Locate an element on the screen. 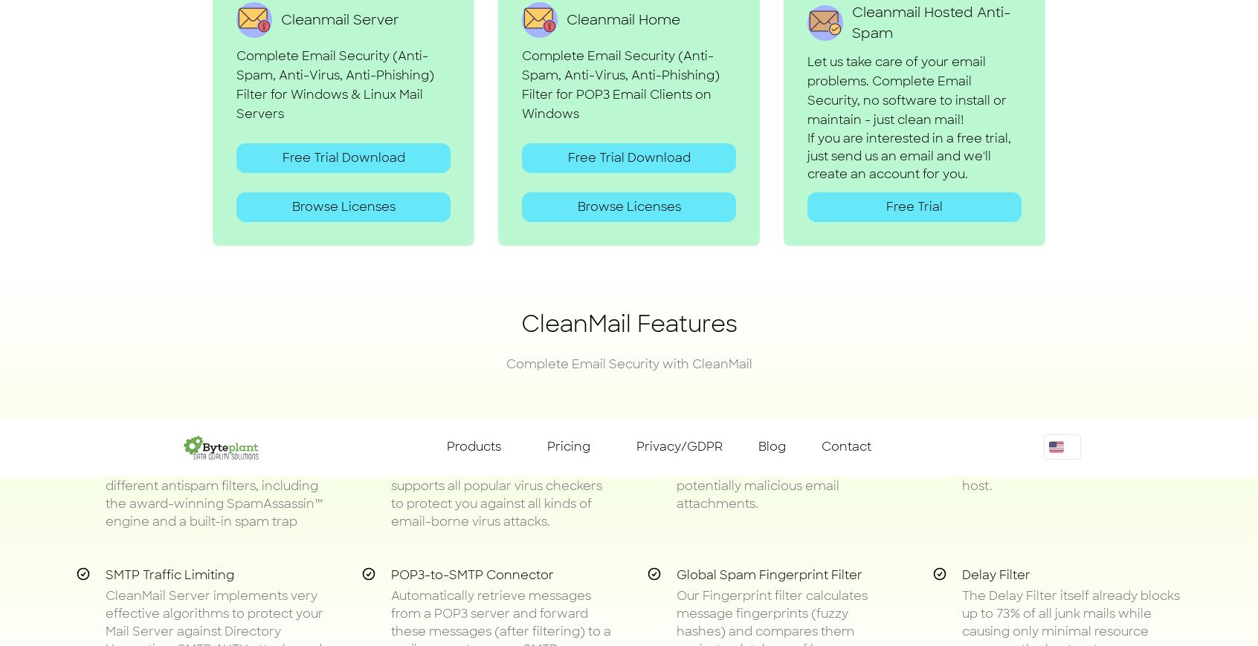  'OpenSSL updated' is located at coordinates (550, 154).